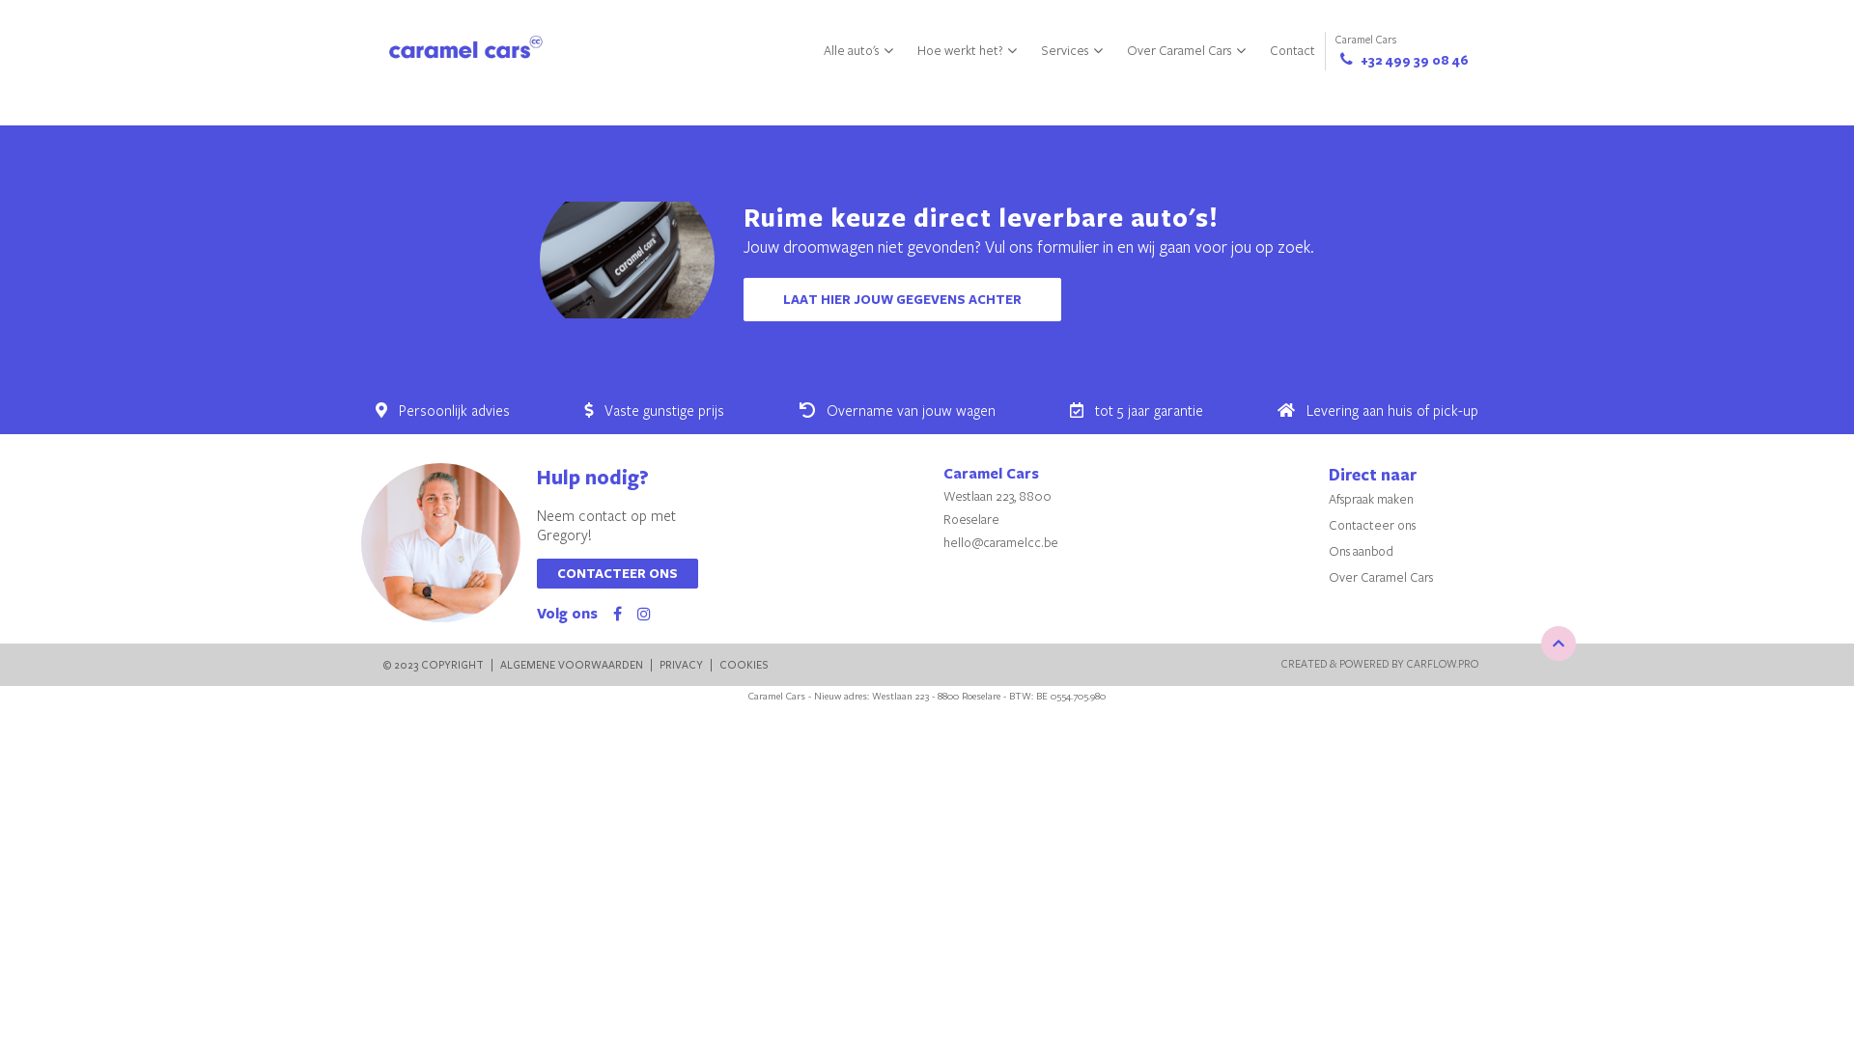  Describe the element at coordinates (1380, 575) in the screenshot. I see `'Over Caramel Cars'` at that location.